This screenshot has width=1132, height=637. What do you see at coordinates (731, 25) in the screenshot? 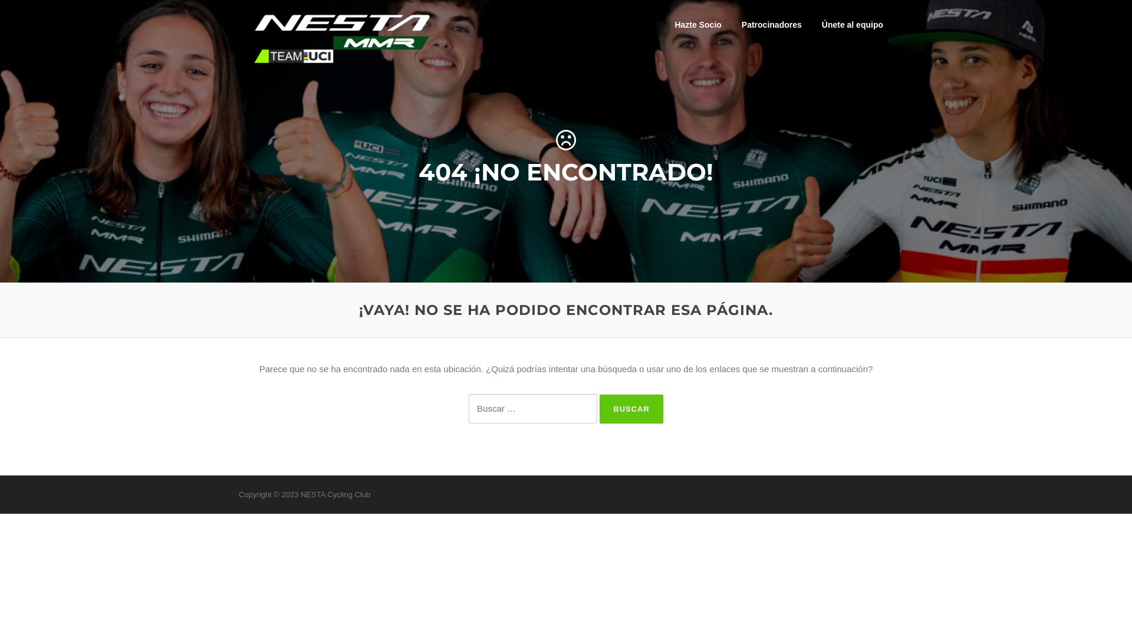
I see `'Patrocinadores'` at bounding box center [731, 25].